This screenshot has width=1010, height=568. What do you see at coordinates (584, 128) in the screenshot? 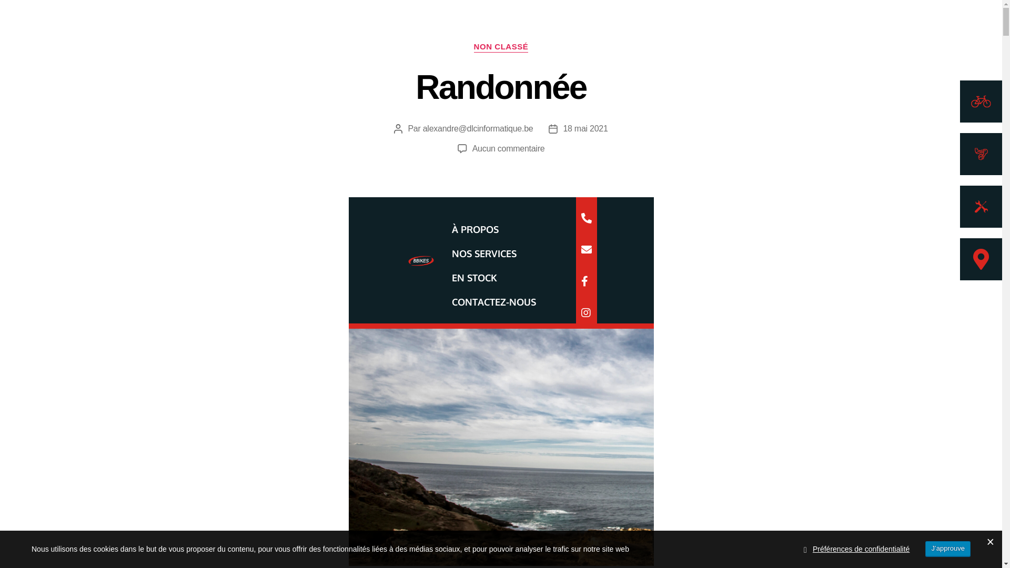
I see `'18 mai 2021'` at bounding box center [584, 128].